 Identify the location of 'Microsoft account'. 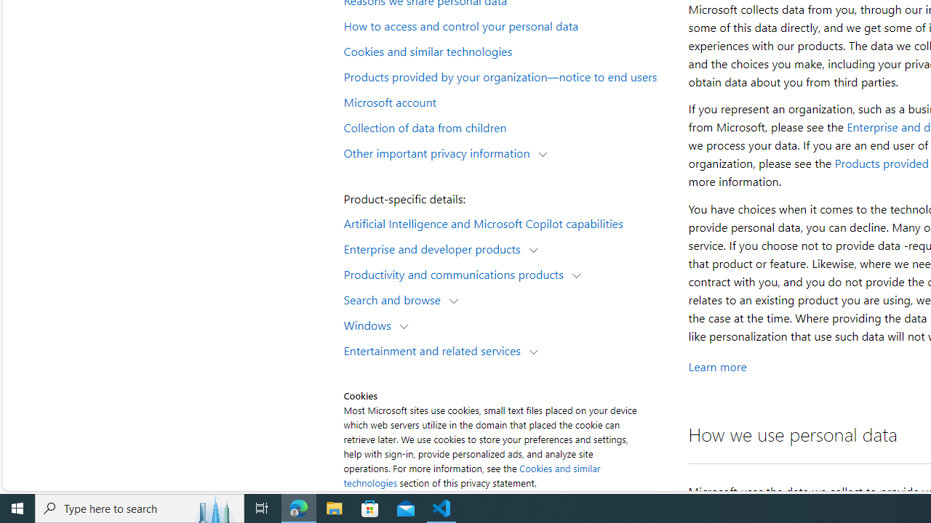
(506, 100).